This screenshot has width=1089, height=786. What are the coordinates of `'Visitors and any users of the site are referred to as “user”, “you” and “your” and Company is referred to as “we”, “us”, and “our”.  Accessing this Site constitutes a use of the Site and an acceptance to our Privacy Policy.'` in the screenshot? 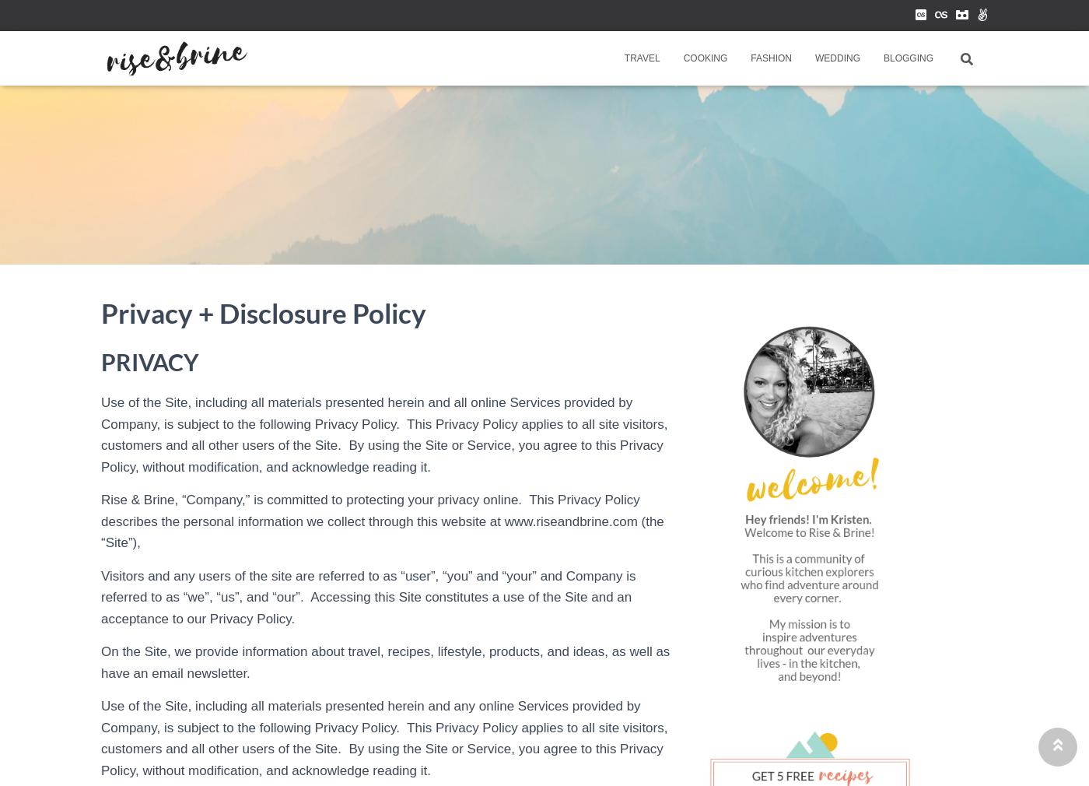 It's located at (368, 596).